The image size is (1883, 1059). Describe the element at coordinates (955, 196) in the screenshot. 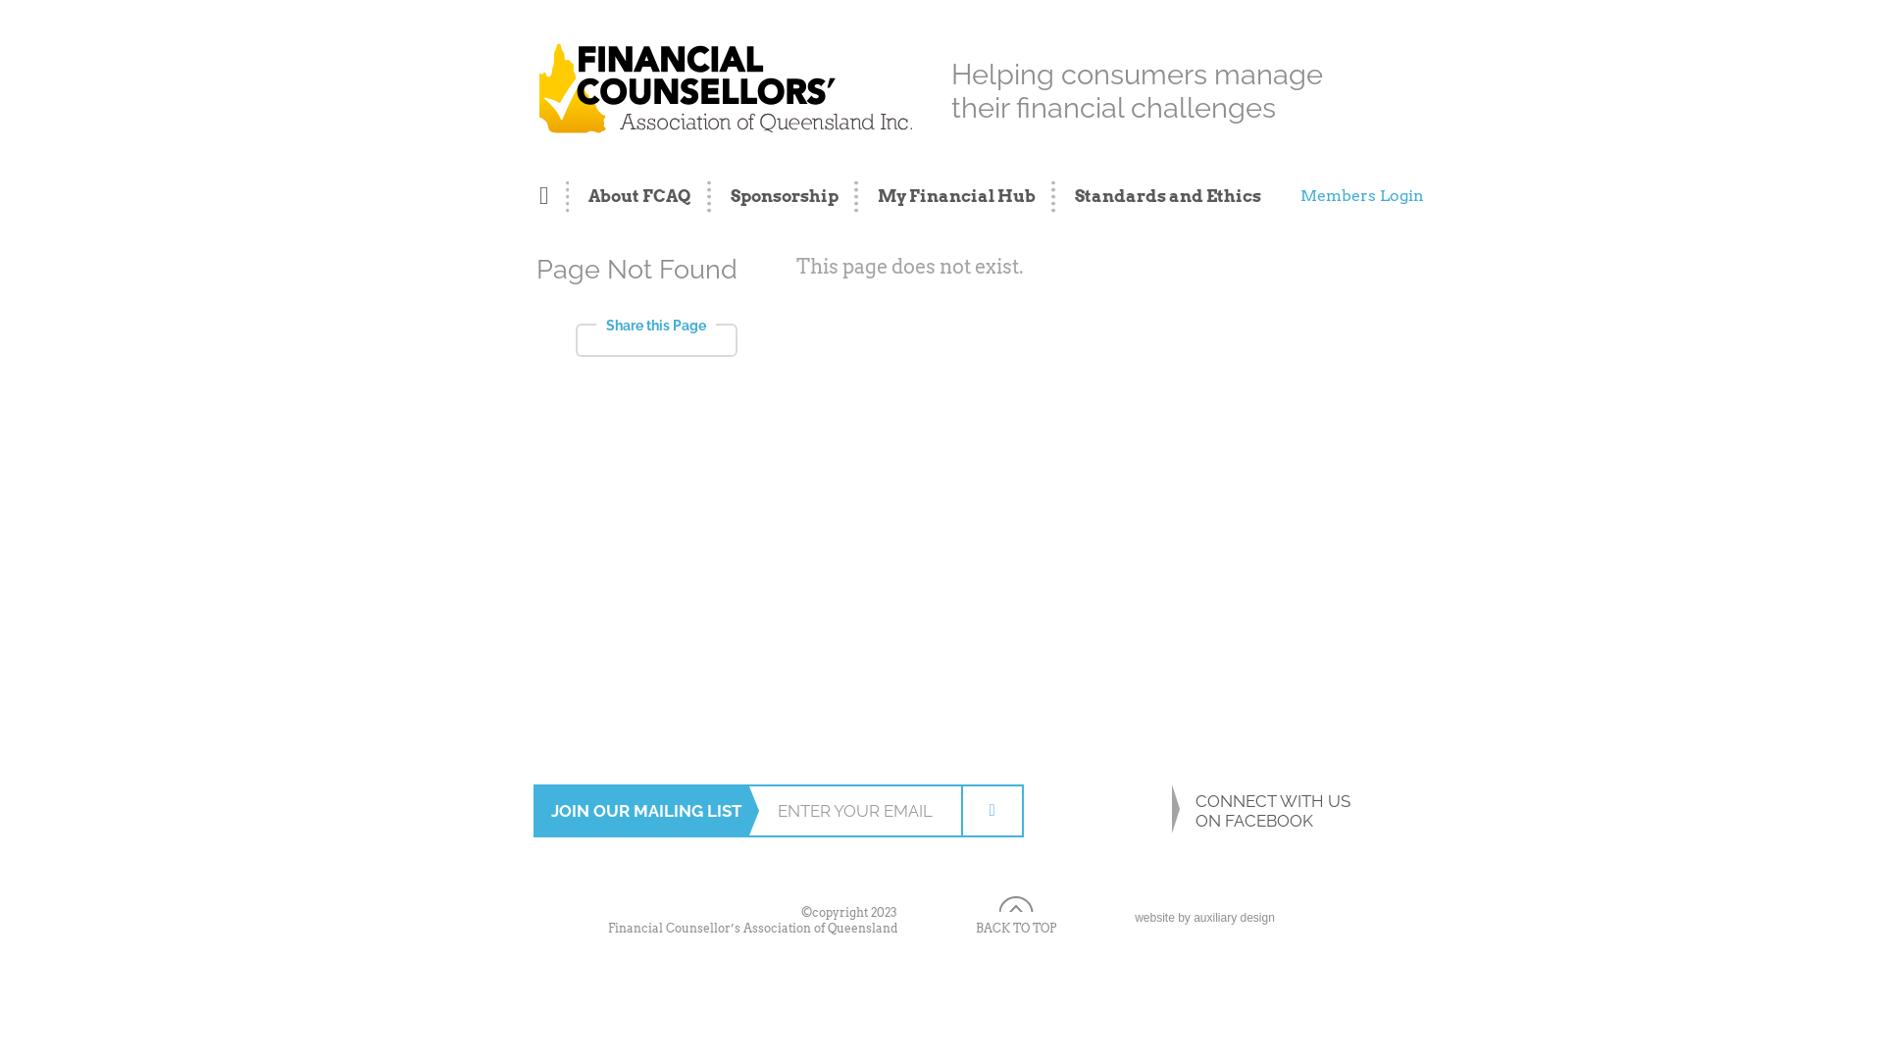

I see `'My Financial Hub'` at that location.